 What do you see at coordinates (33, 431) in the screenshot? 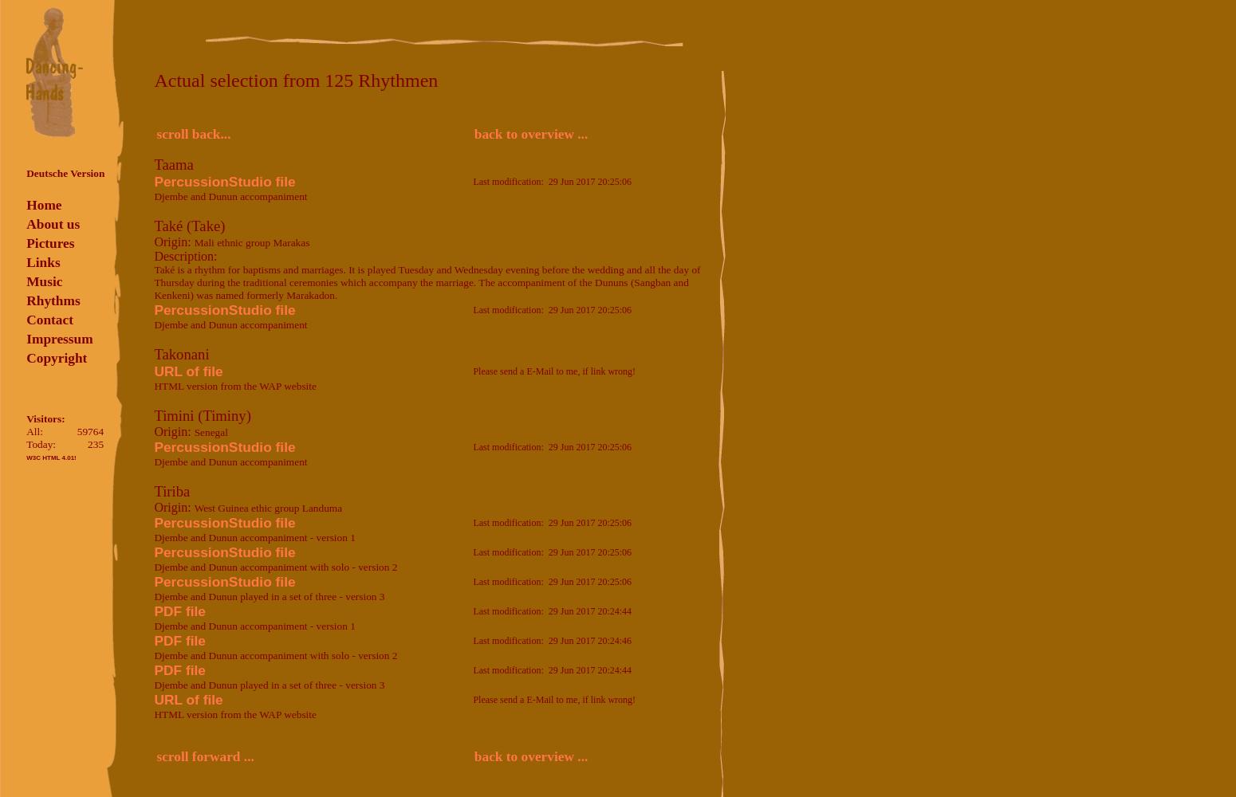
I see `'All:'` at bounding box center [33, 431].